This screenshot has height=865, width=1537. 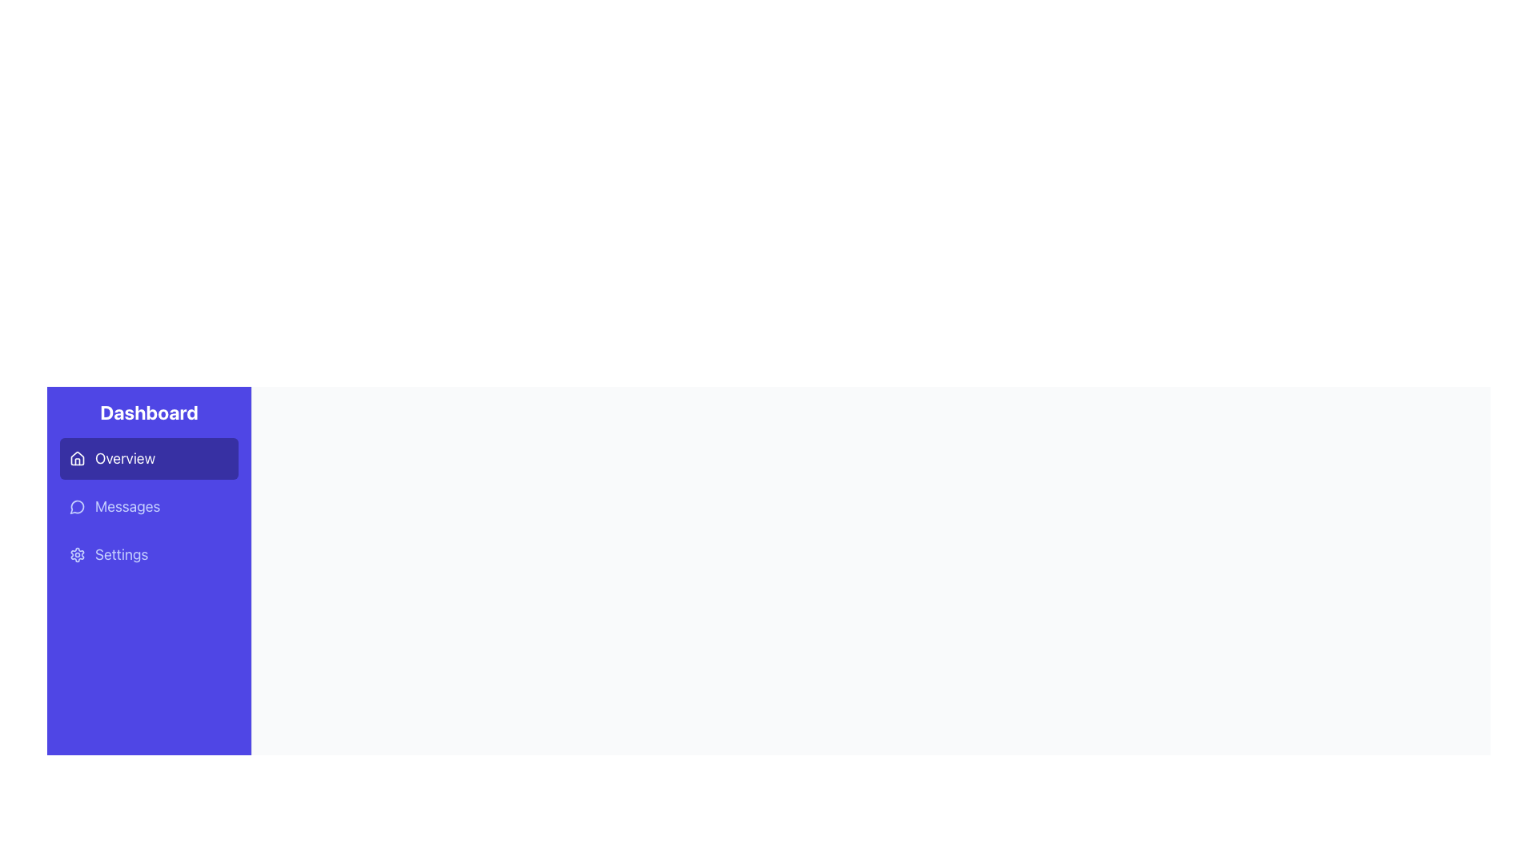 I want to click on the 'Messages' text label located in the left sidebar navigation menu, so click(x=126, y=506).